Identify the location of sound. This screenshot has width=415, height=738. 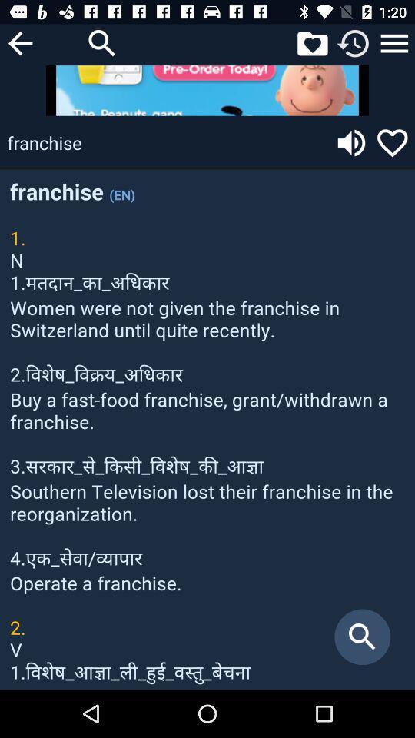
(351, 142).